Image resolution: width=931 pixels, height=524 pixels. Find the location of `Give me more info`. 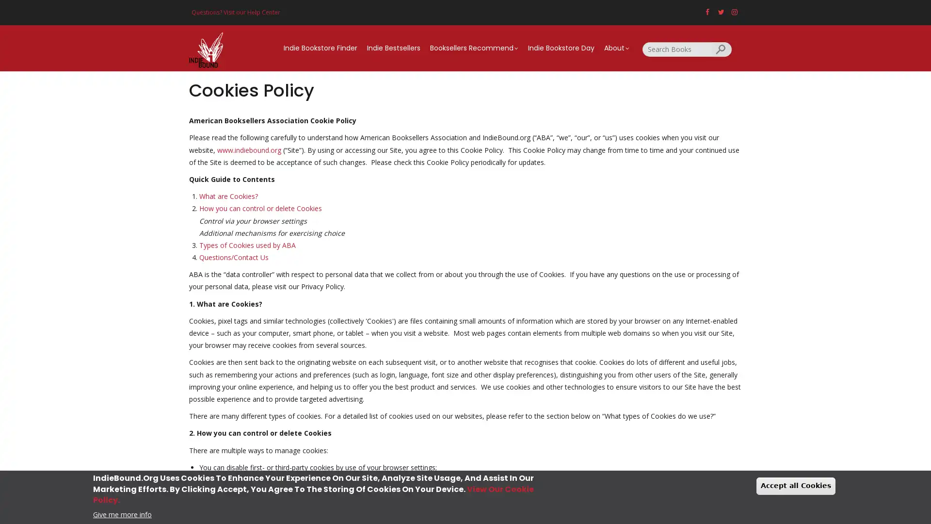

Give me more info is located at coordinates (122, 513).